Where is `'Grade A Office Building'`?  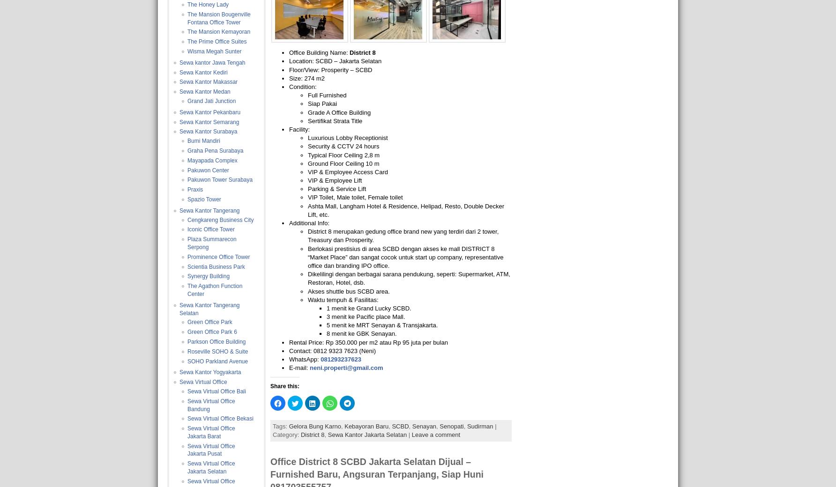 'Grade A Office Building' is located at coordinates (339, 112).